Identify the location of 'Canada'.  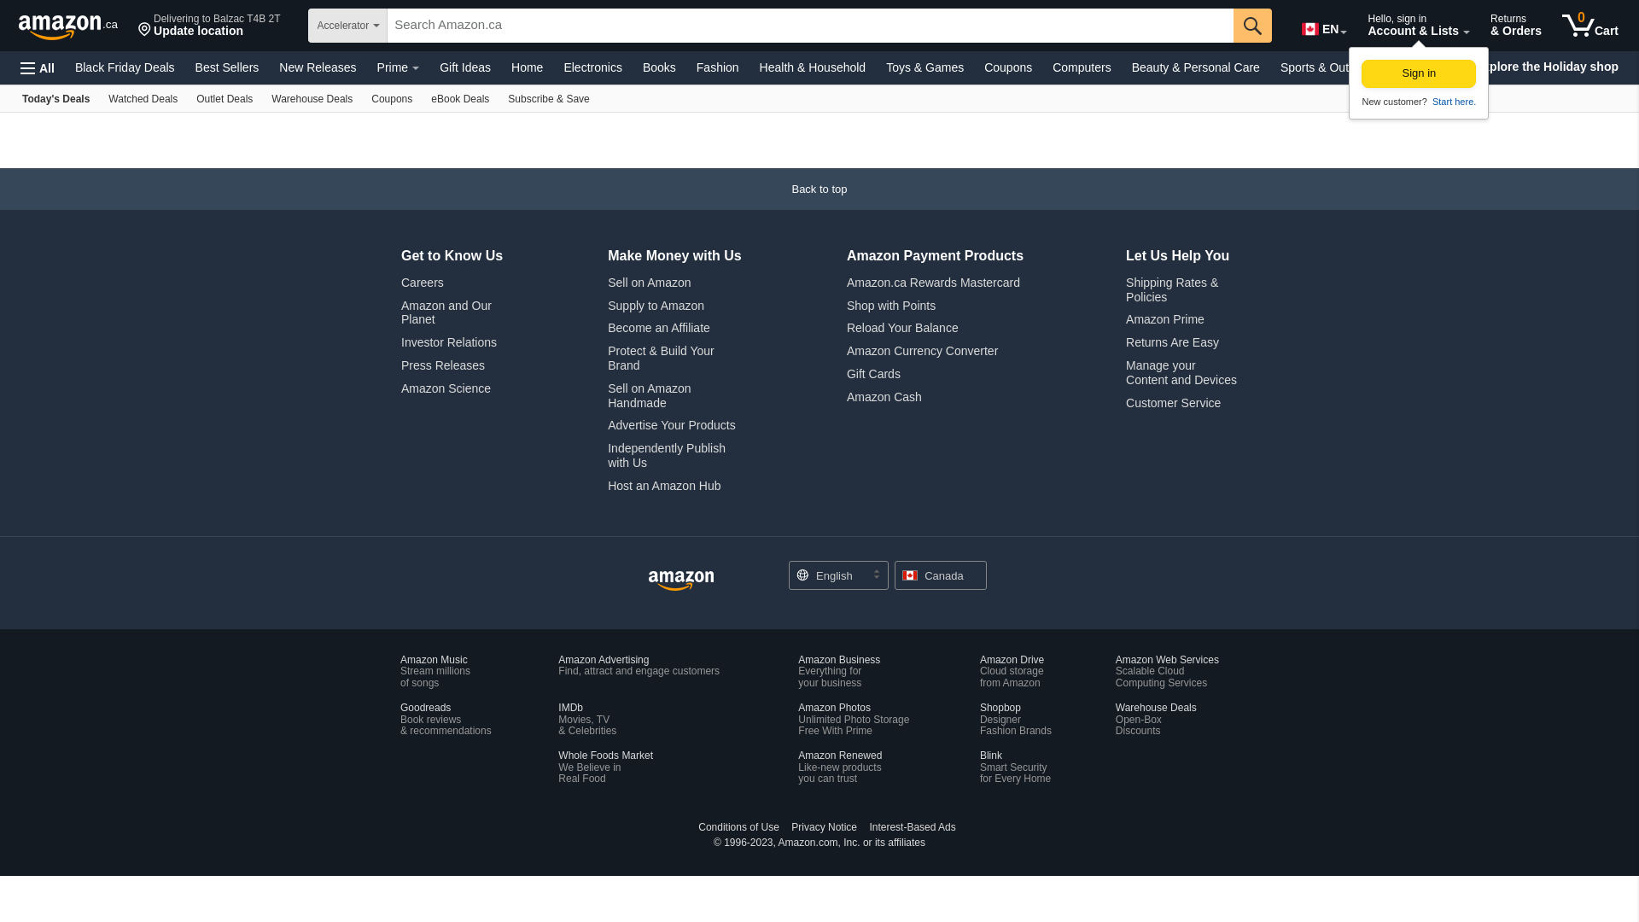
(939, 575).